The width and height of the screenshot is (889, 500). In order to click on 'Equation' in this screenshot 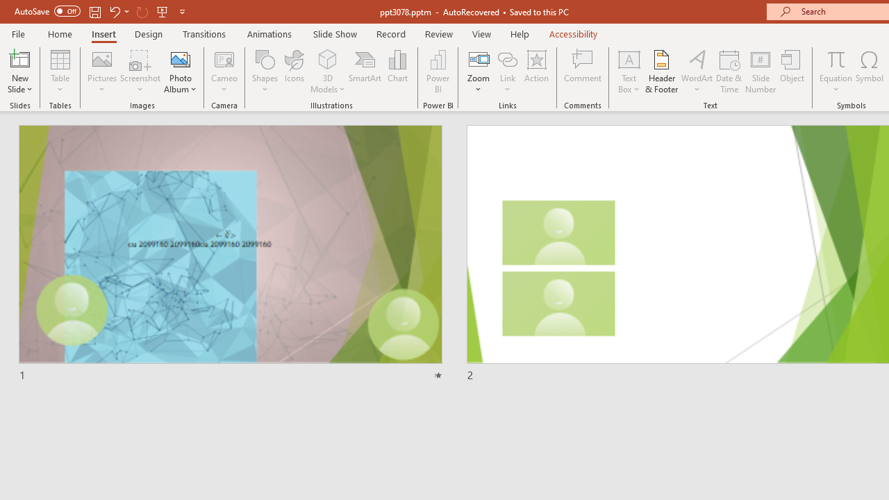, I will do `click(835, 72)`.